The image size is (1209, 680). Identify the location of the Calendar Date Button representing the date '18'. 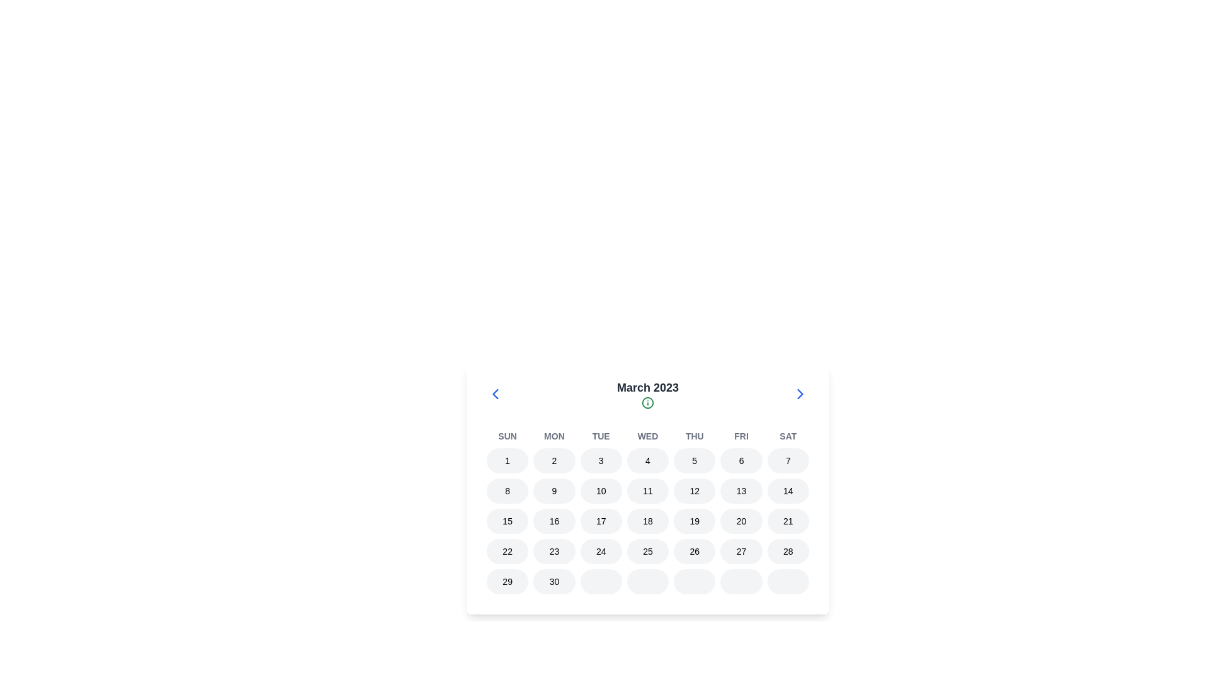
(647, 521).